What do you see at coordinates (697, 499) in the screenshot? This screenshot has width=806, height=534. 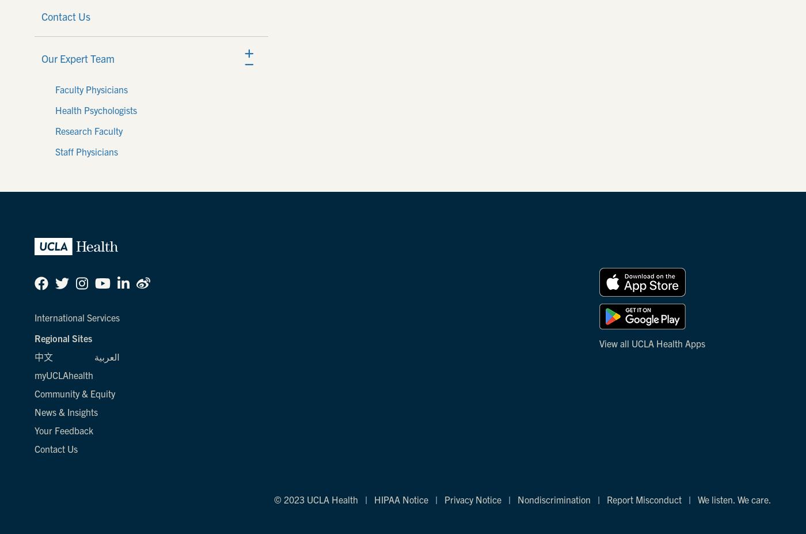 I see `'We listen. We care.'` at bounding box center [697, 499].